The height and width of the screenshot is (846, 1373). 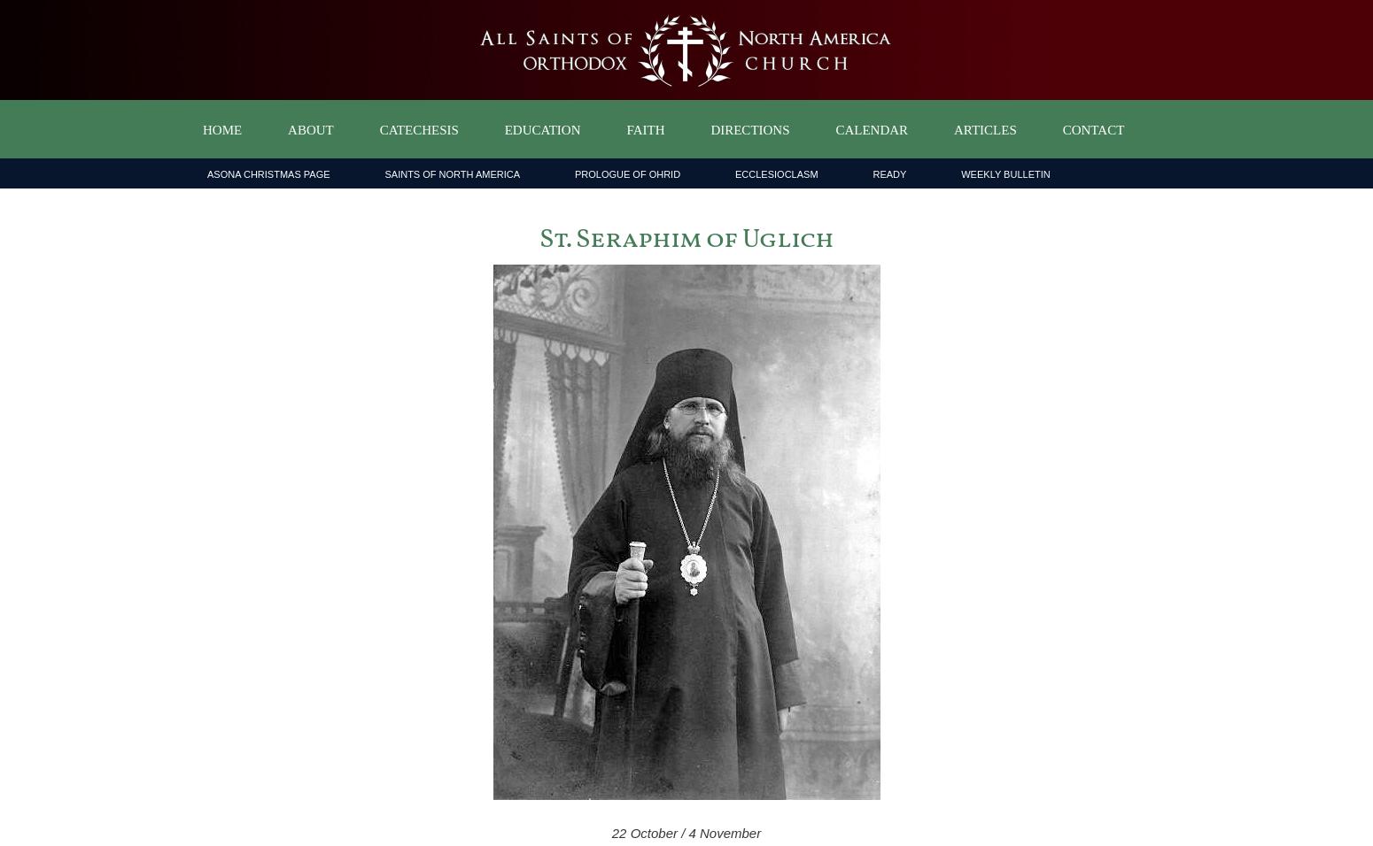 I want to click on 'ASONA Christmas Page', so click(x=268, y=174).